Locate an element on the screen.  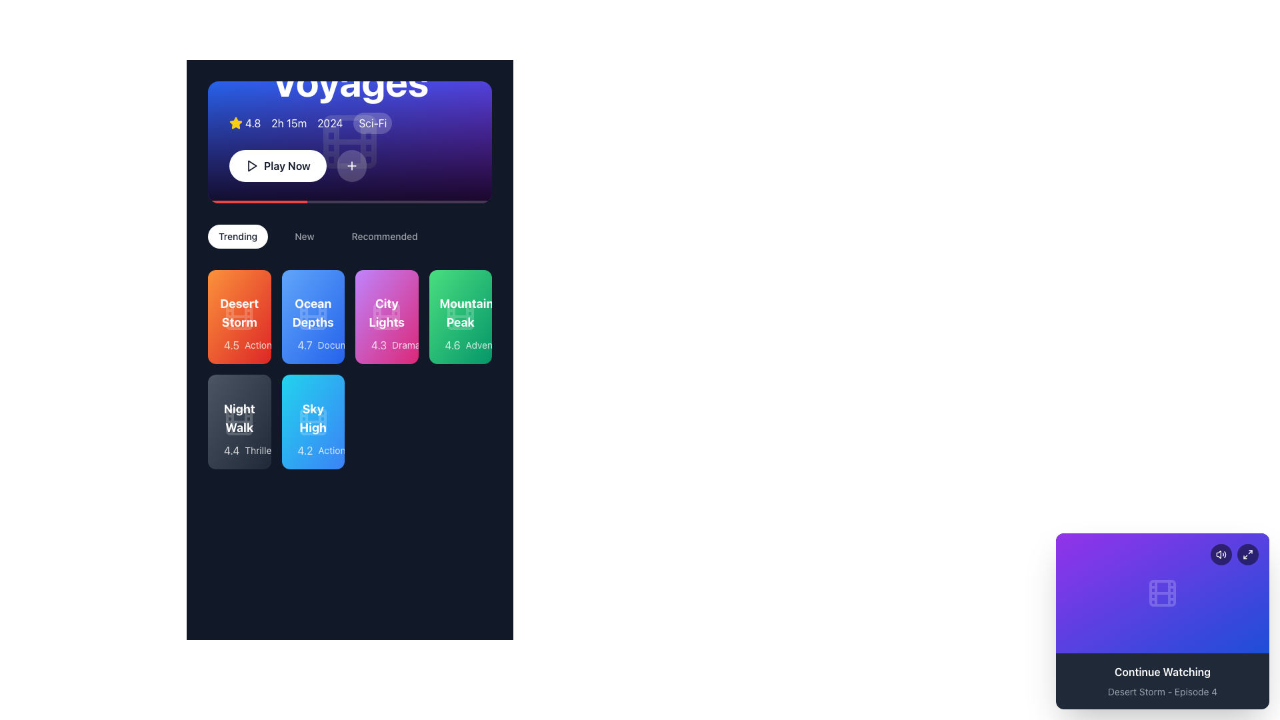
the decorative icon representing a movie or video-related entity located in the top-left orange card under the 'Trending' category heading is located at coordinates (239, 317).